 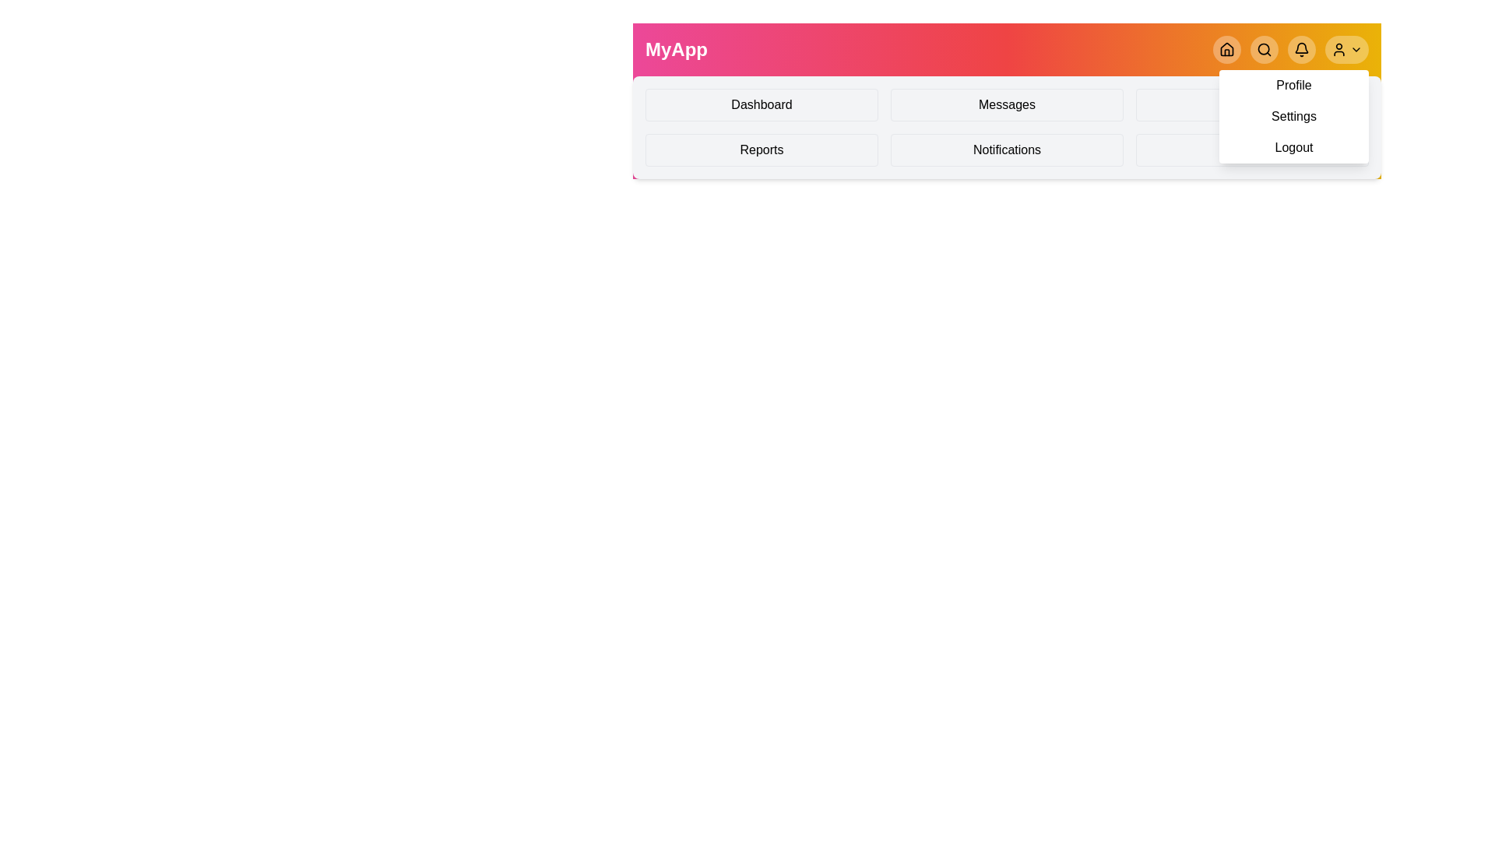 I want to click on the profile menu toggle button to collapse the menu, so click(x=1345, y=49).